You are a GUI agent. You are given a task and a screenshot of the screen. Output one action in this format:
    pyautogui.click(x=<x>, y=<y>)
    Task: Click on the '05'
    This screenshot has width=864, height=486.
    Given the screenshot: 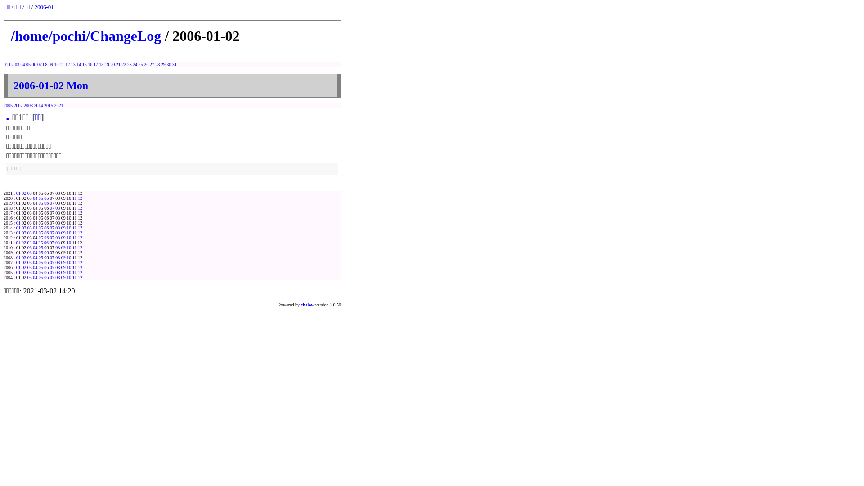 What is the action you would take?
    pyautogui.click(x=40, y=247)
    